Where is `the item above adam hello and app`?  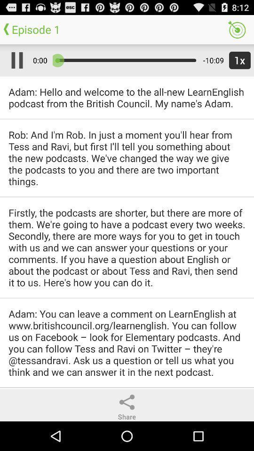
the item above adam hello and app is located at coordinates (15, 60).